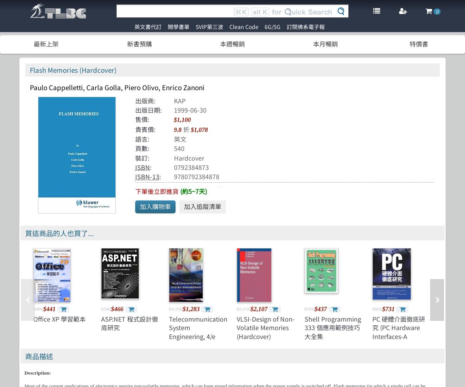 The height and width of the screenshot is (387, 465). Describe the element at coordinates (38, 308) in the screenshot. I see `'$490'` at that location.